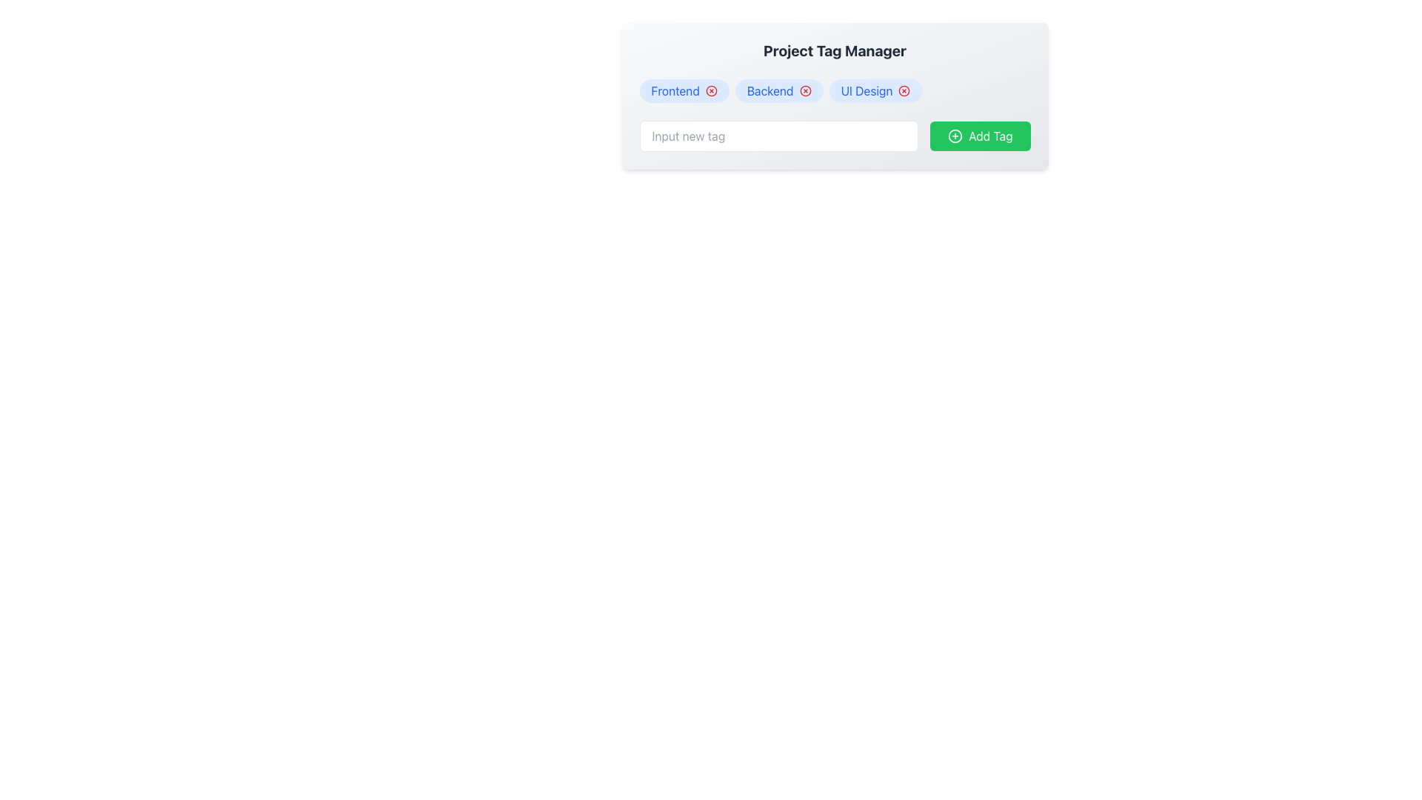 This screenshot has height=800, width=1422. What do you see at coordinates (684, 91) in the screenshot?
I see `the 'Frontend' tag component located below the 'Project Tag Manager' header` at bounding box center [684, 91].